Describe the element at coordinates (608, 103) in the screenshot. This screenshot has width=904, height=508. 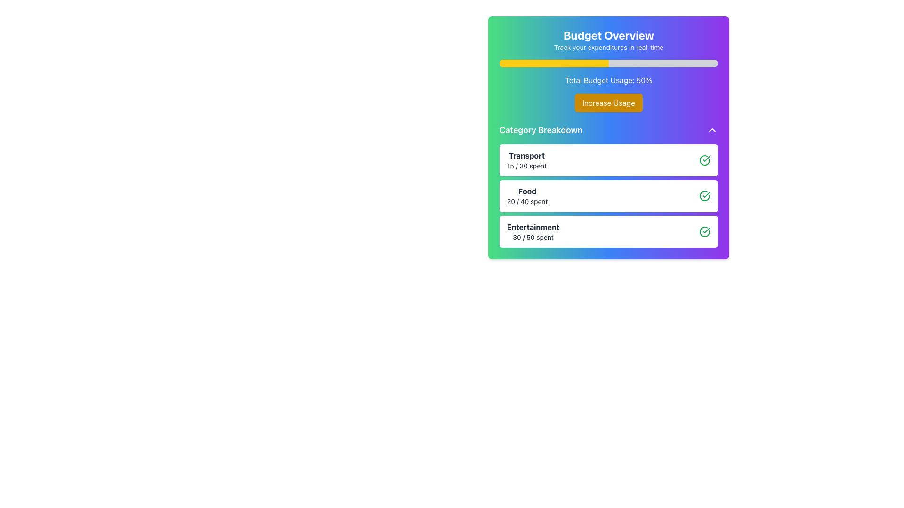
I see `the 'Increase Budget' button located below the 'Total Budget Usage: 50%' text in the 'Budget Overview' section` at that location.